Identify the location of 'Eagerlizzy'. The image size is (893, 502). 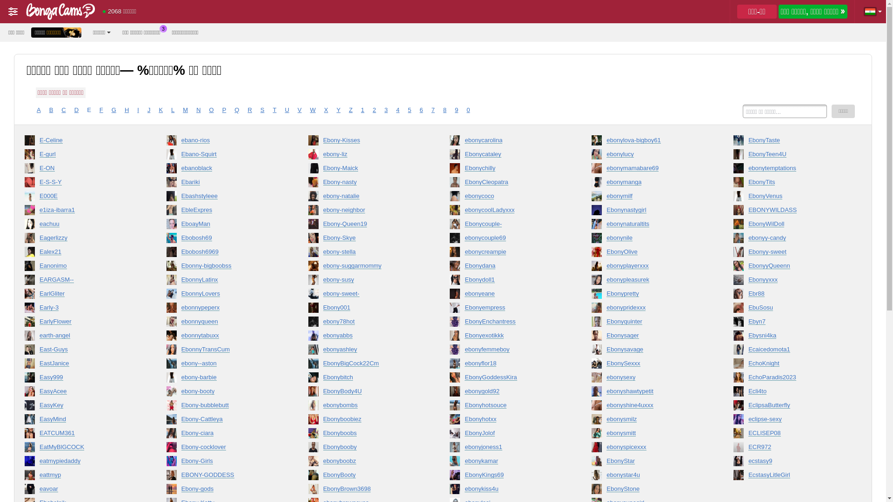
(24, 239).